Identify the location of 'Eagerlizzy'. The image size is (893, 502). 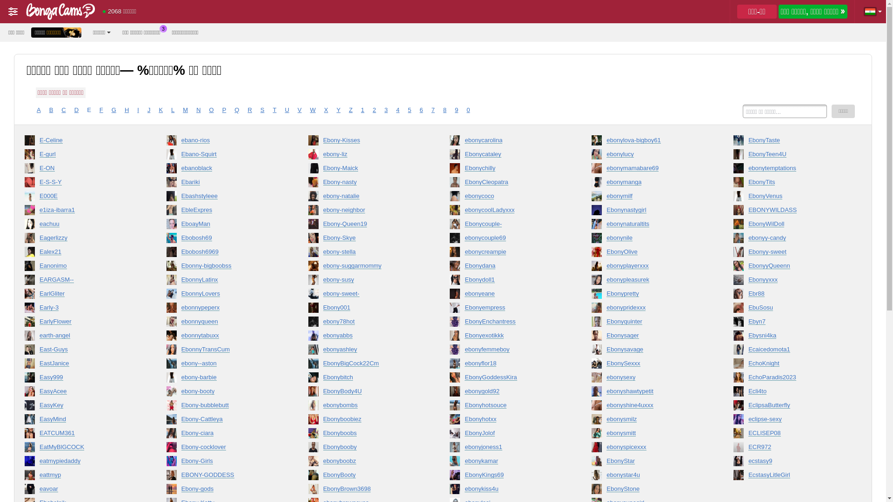
(24, 239).